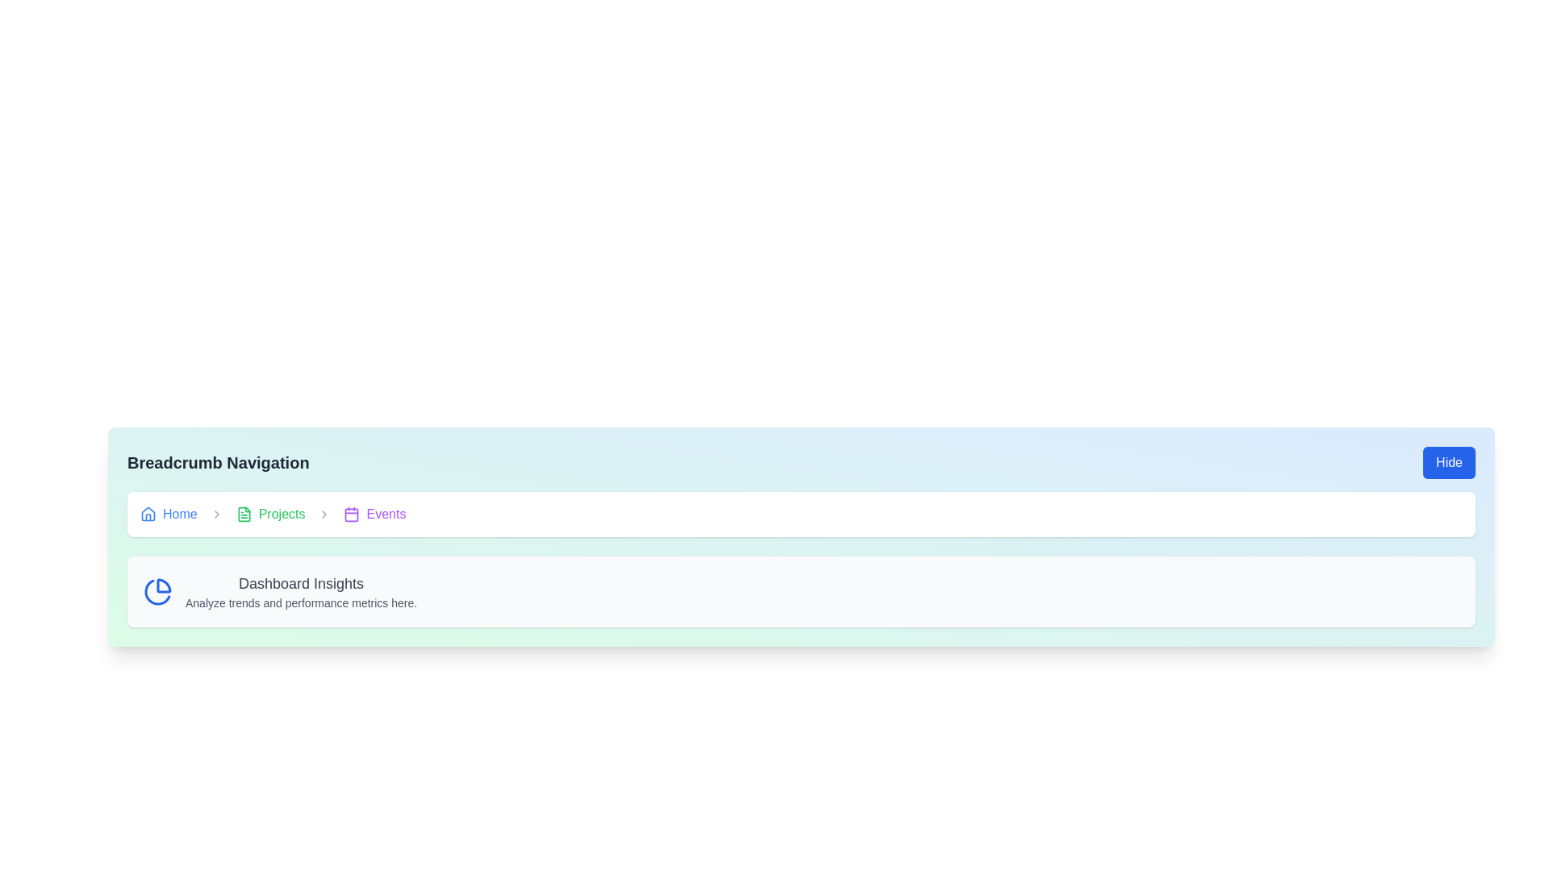 The height and width of the screenshot is (871, 1549). I want to click on the calendar icon representing the 'Events' section in the breadcrumb navigation bar, located between the 'Projects' and 'Events' breadcrumbs, so click(351, 515).